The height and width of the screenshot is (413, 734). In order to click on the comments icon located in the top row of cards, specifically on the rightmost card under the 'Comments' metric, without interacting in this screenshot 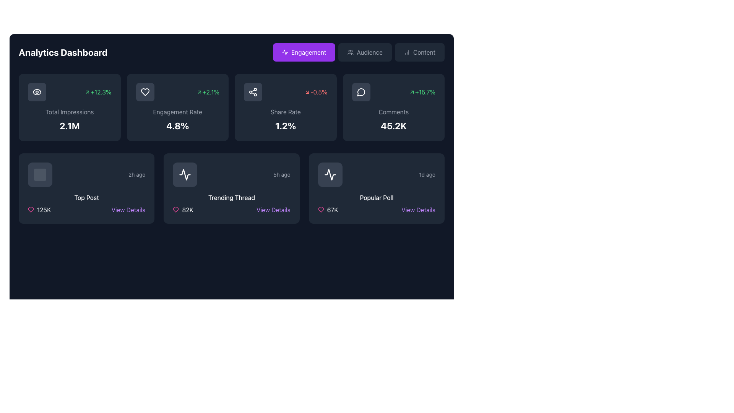, I will do `click(361, 91)`.